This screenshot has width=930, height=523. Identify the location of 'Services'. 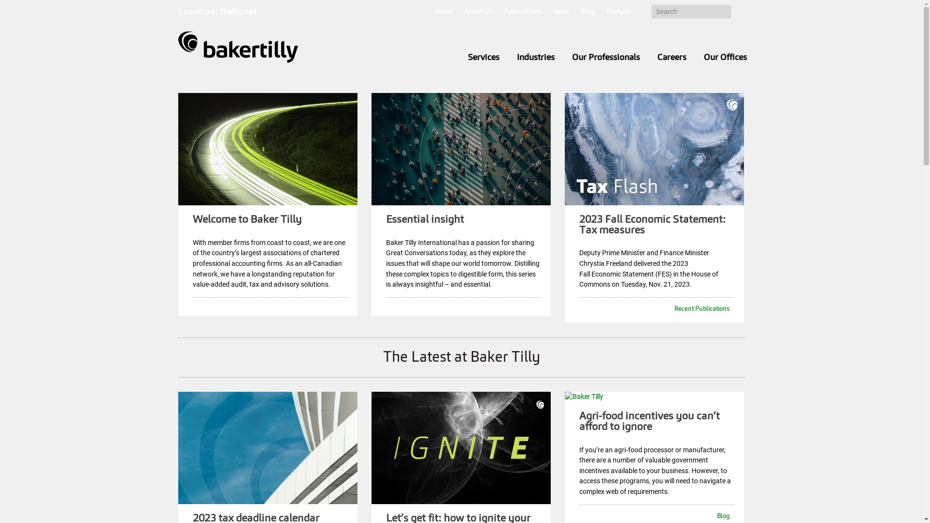
(459, 58).